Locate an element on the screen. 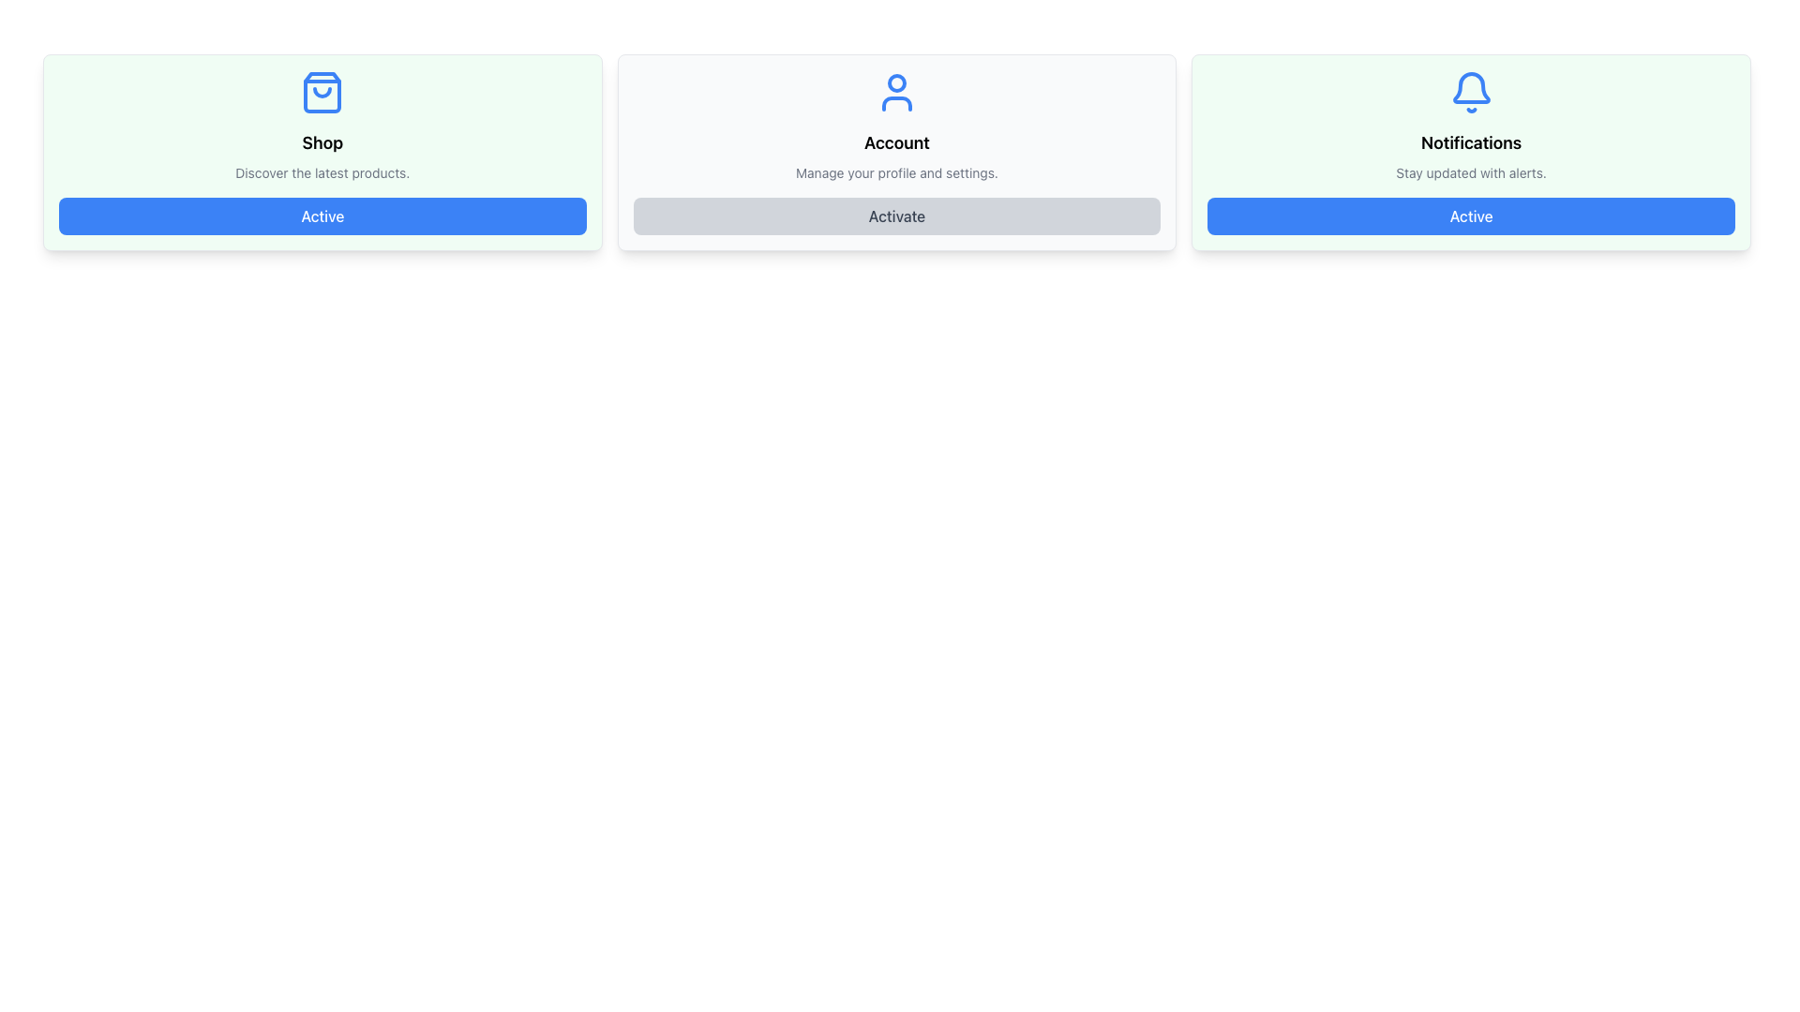  the user account icon, which features a blue circular head and curved shoulders, located above the 'Account' text in a card-like UI component is located at coordinates (895, 93).